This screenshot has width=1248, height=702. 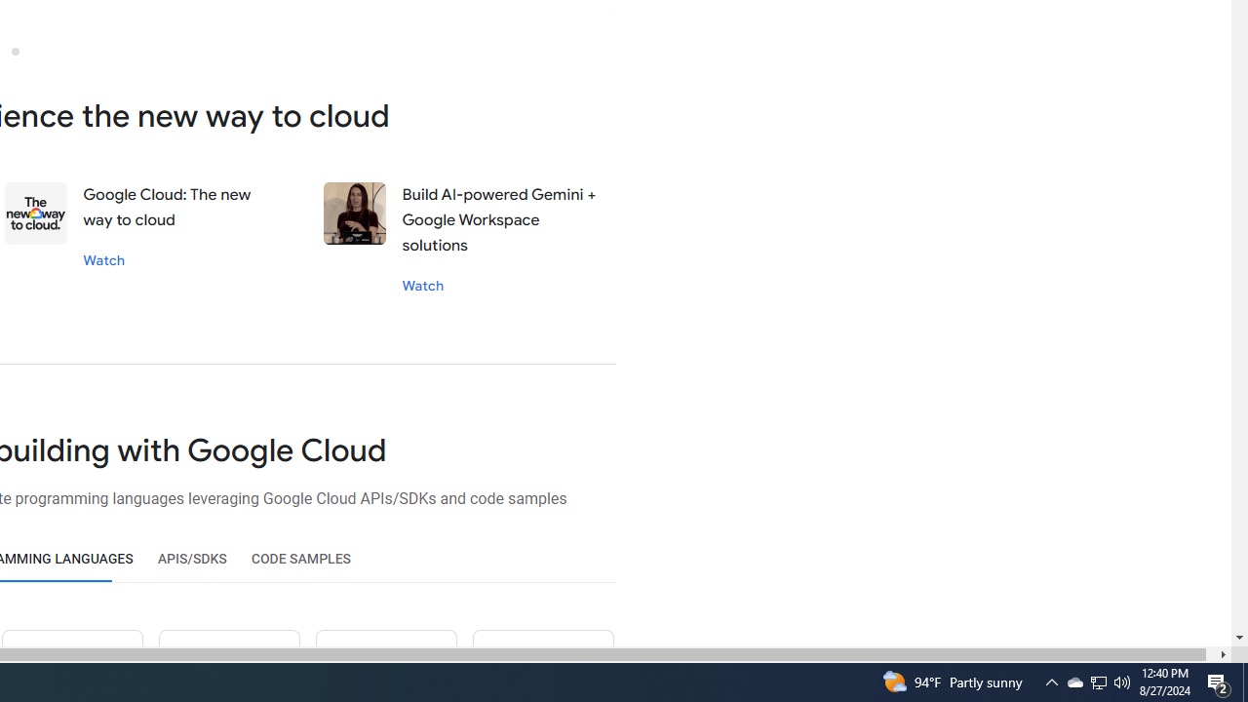 What do you see at coordinates (15, 50) in the screenshot?
I see `'Slide 3'` at bounding box center [15, 50].